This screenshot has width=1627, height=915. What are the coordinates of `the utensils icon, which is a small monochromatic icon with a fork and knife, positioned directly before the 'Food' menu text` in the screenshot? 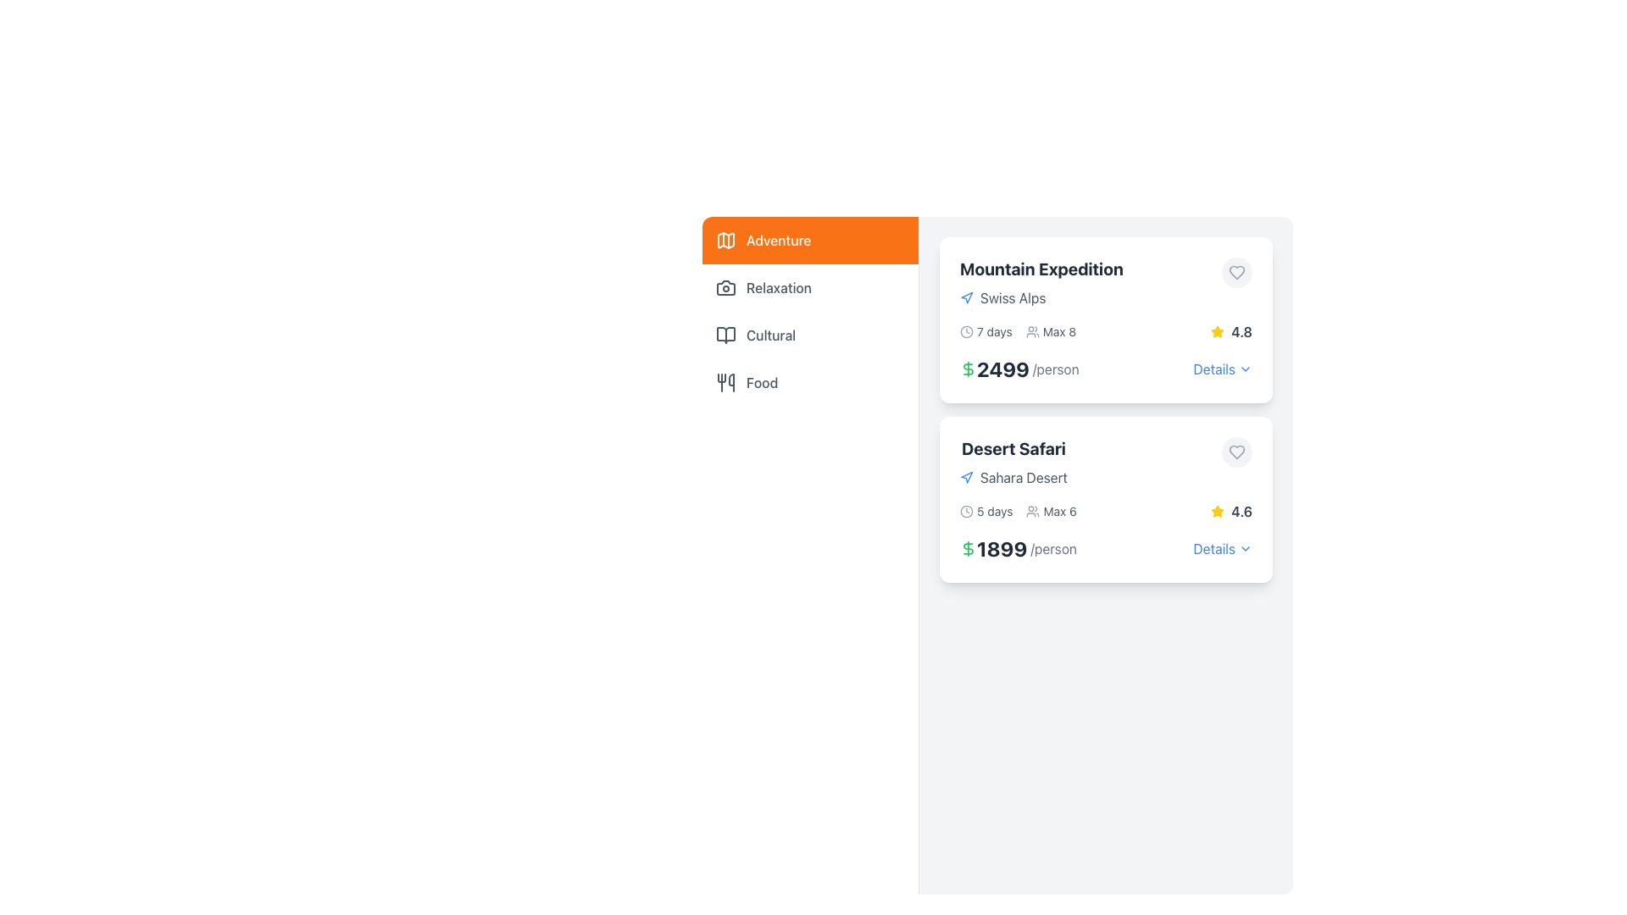 It's located at (726, 382).